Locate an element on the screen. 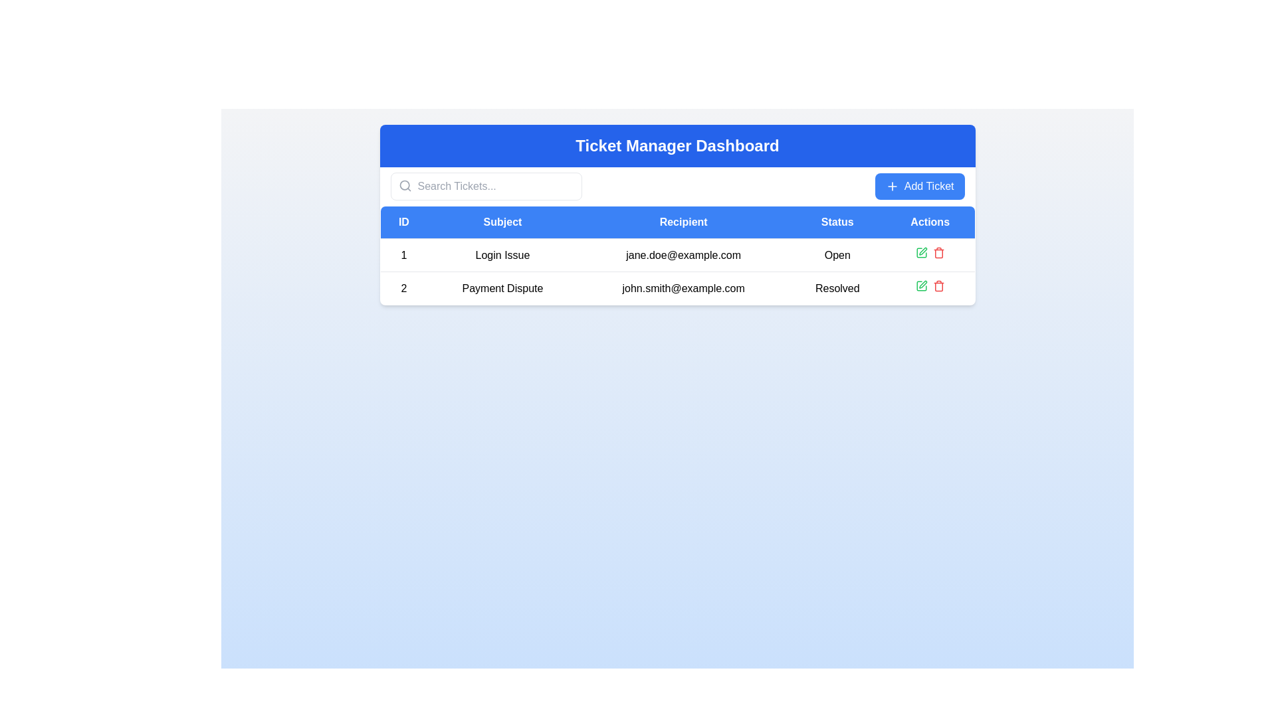  the edit icon located in the 'Actions' column of the second row of the ticket table, next to the Delete icon is located at coordinates (922, 251).